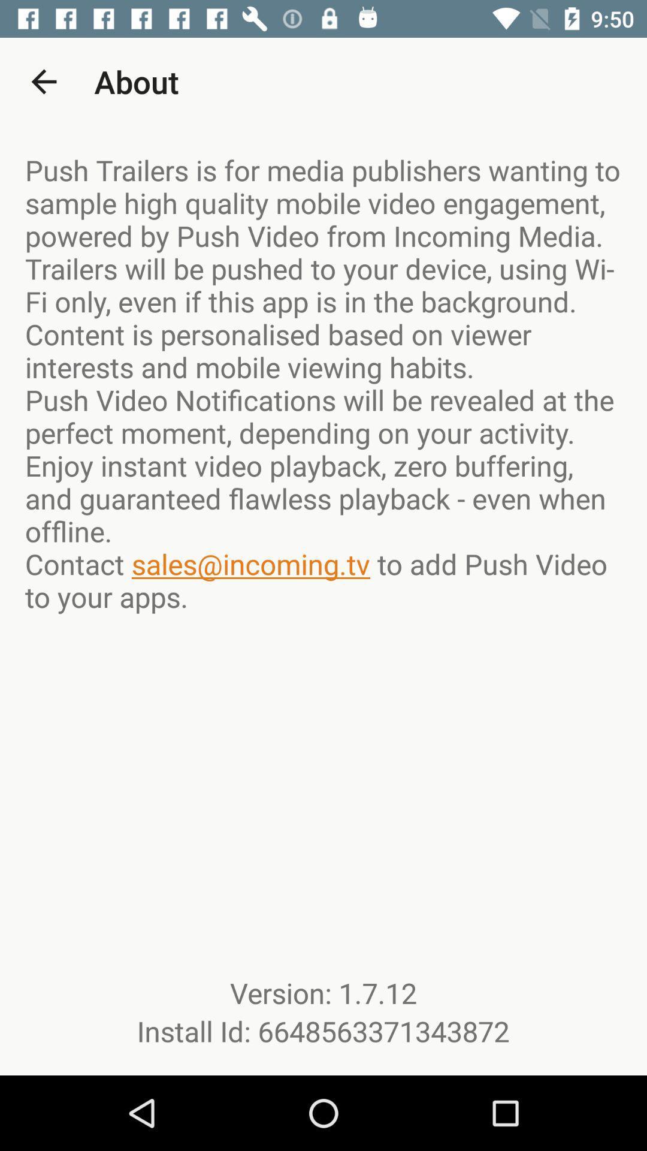 The height and width of the screenshot is (1151, 647). Describe the element at coordinates (323, 382) in the screenshot. I see `the push trailers is` at that location.